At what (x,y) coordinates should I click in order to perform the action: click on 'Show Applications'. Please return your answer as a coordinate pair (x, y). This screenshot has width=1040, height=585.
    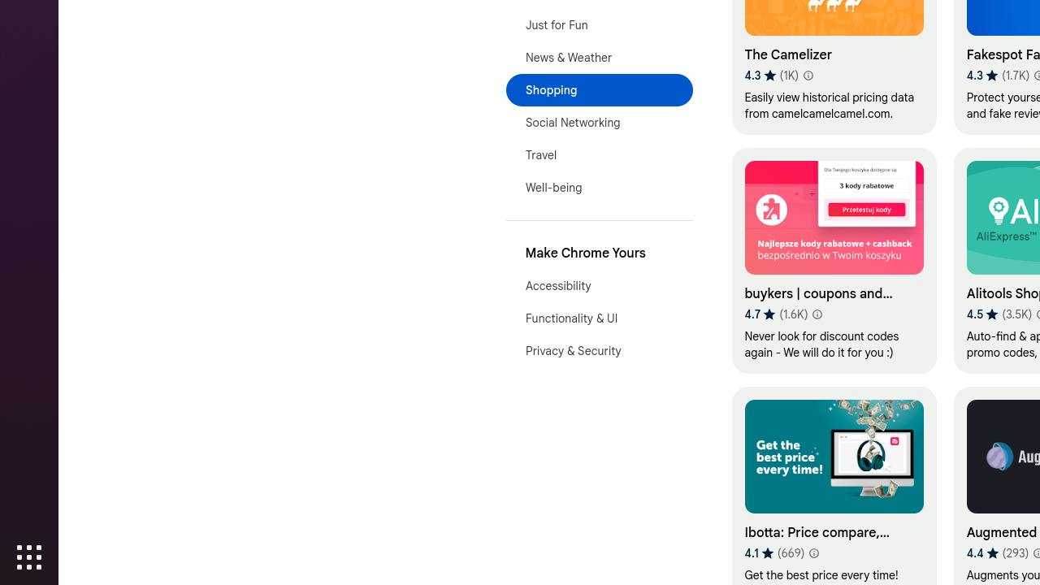
    Looking at the image, I should click on (28, 557).